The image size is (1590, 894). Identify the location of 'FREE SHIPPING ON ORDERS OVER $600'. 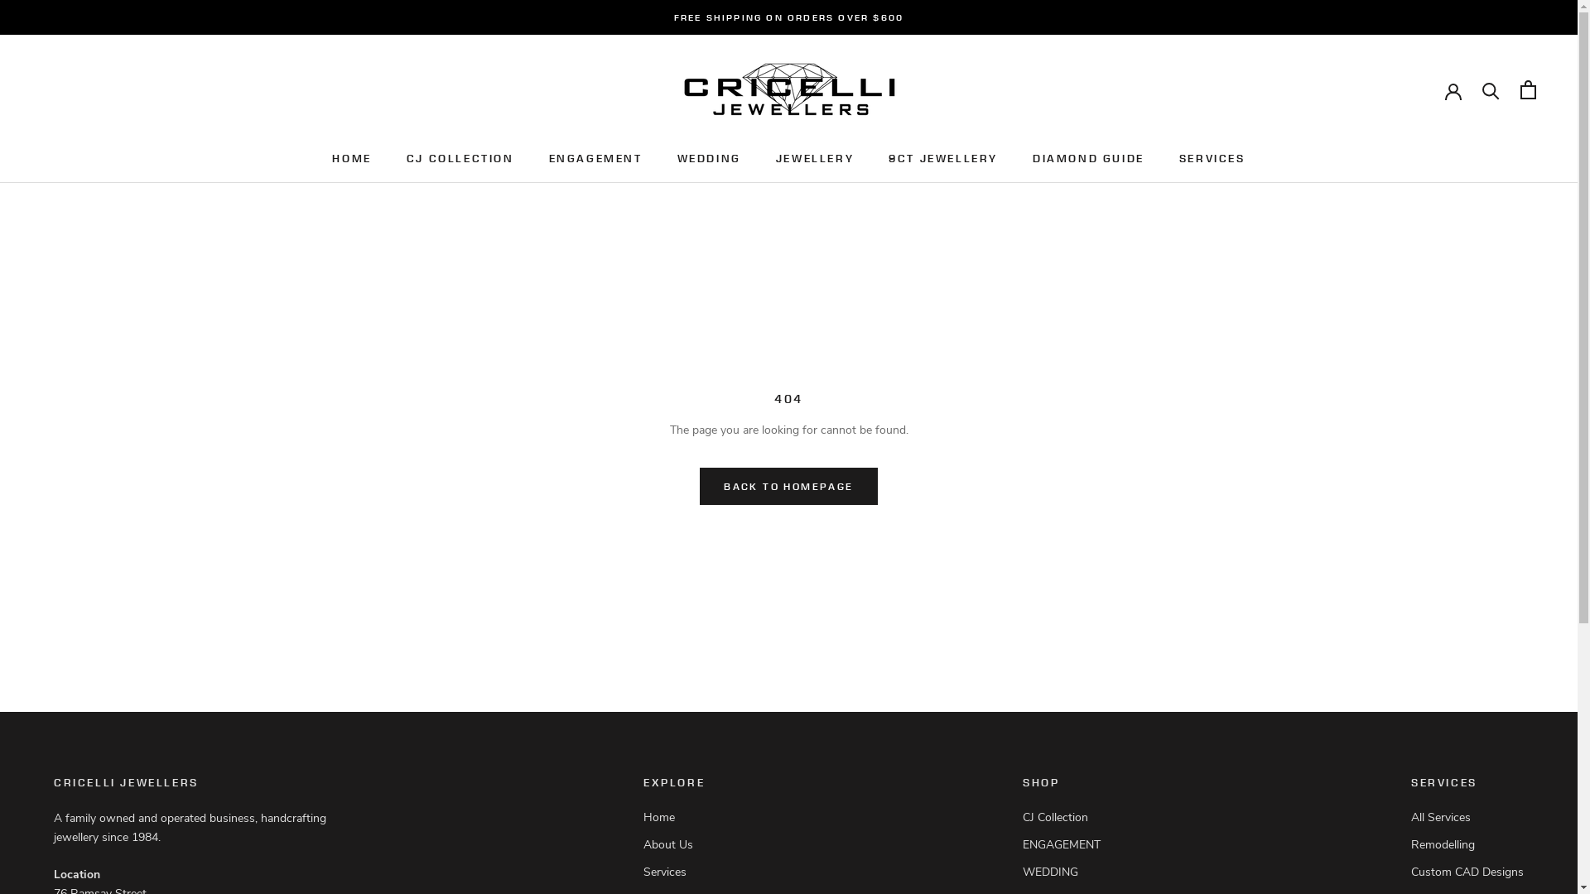
(788, 17).